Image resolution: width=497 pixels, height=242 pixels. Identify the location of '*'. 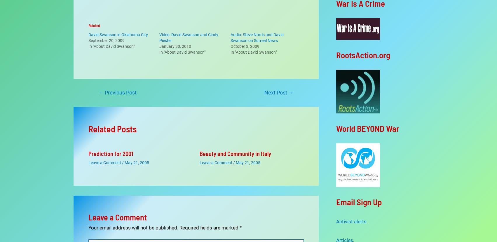
(240, 211).